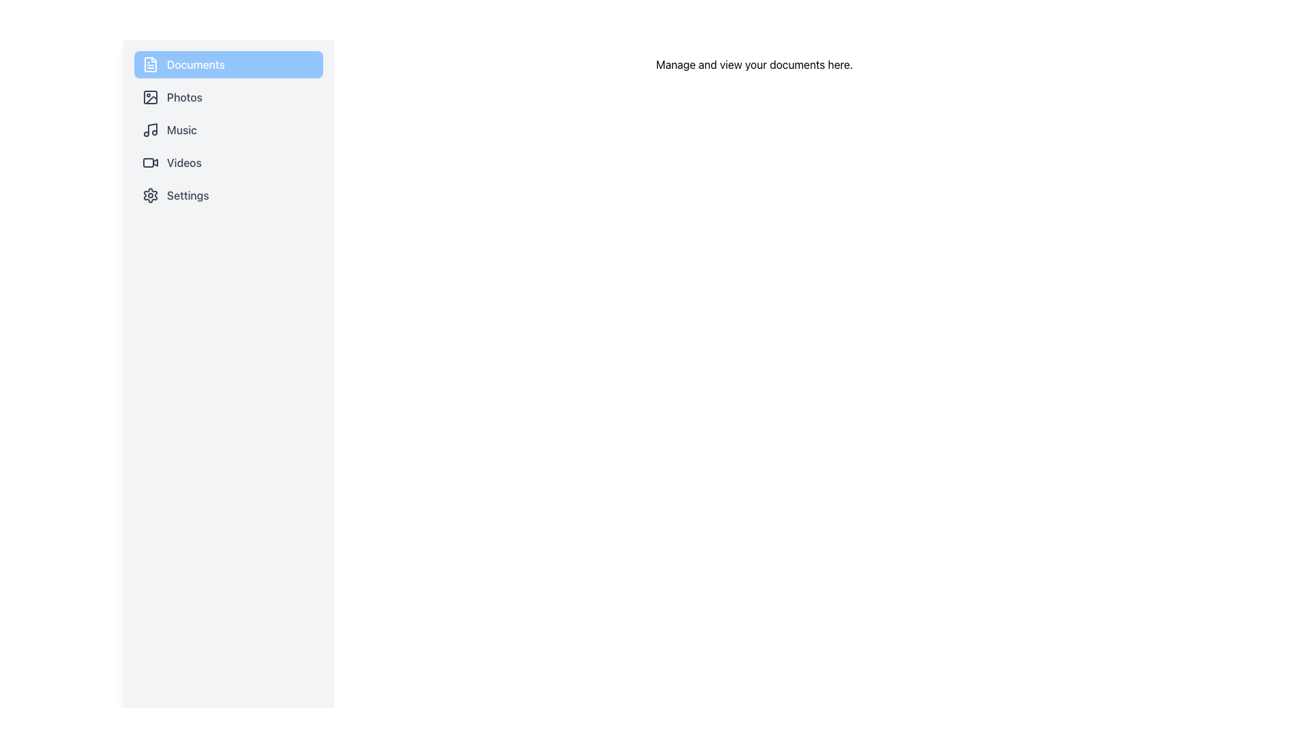  What do you see at coordinates (183, 162) in the screenshot?
I see `the static text label displaying 'Videos' in dark gray color, which is the third navigation item in the sidebar menu, positioned next to a video icon` at bounding box center [183, 162].